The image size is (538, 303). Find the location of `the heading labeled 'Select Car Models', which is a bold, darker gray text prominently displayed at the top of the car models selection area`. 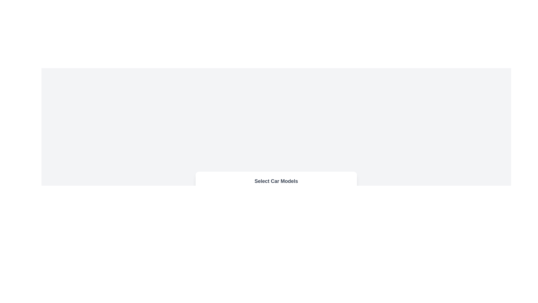

the heading labeled 'Select Car Models', which is a bold, darker gray text prominently displayed at the top of the car models selection area is located at coordinates (276, 181).